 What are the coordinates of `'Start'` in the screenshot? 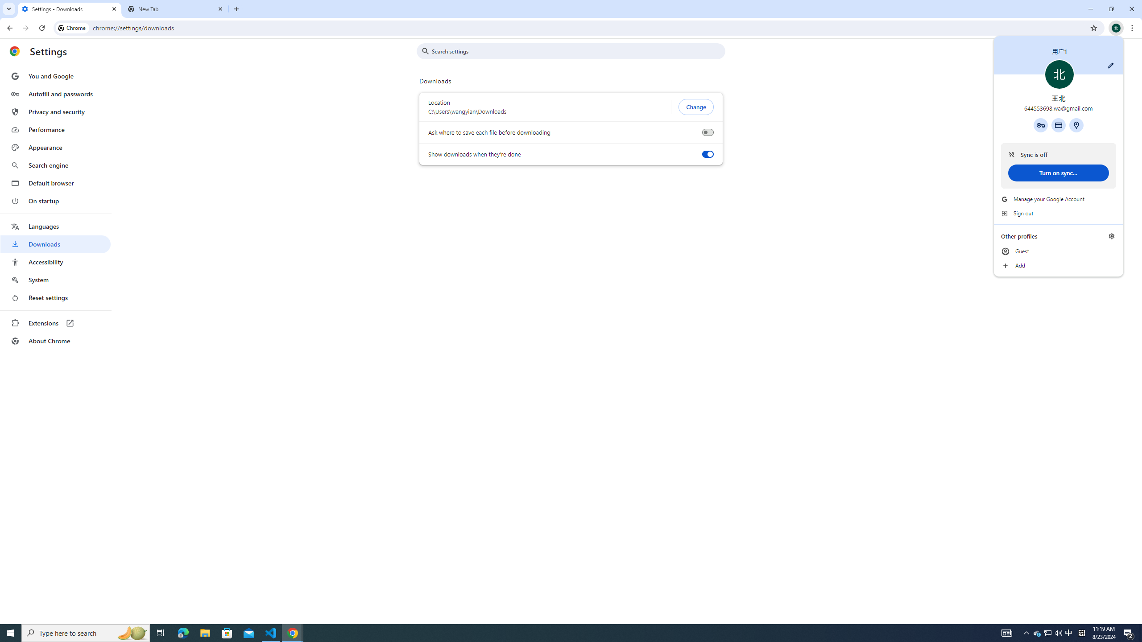 It's located at (11, 632).